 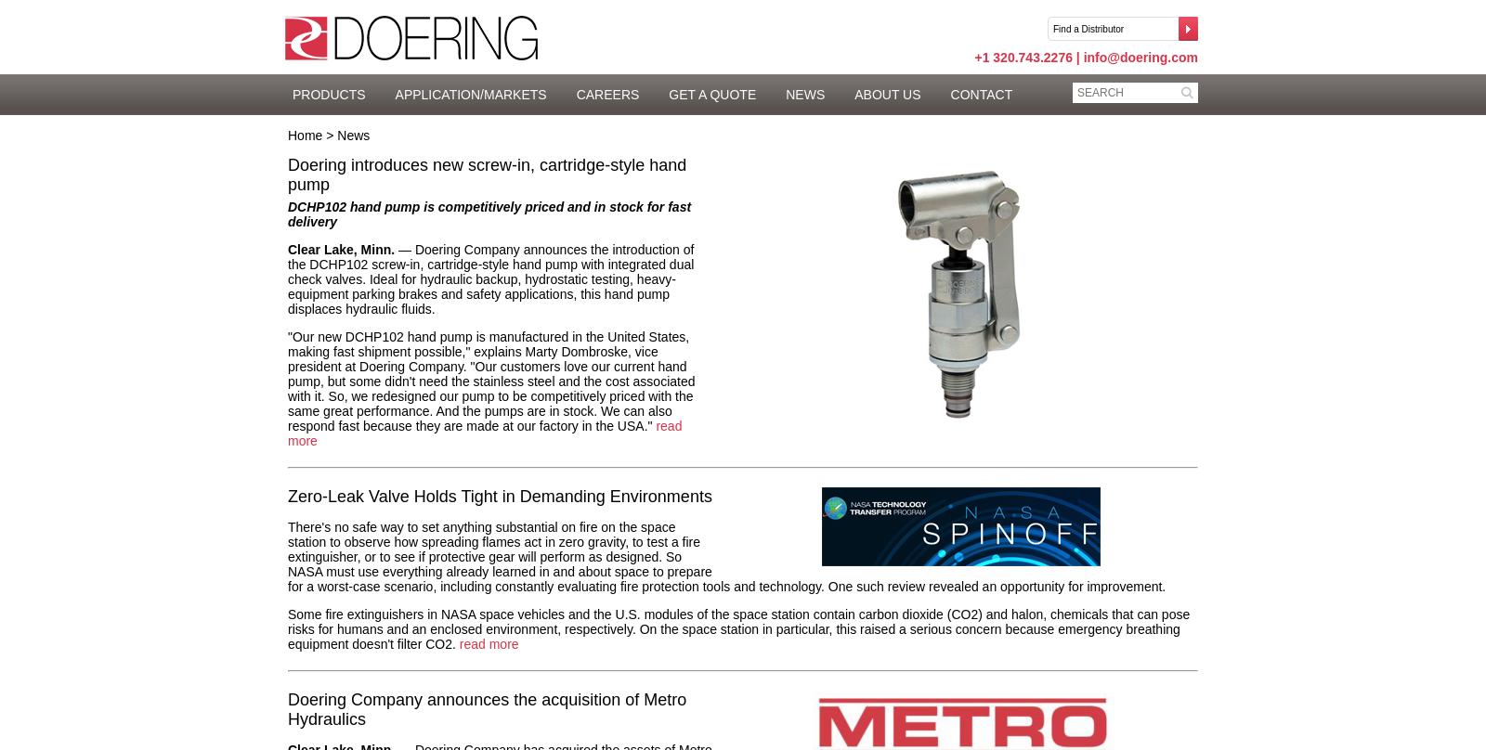 I want to click on '— Doering Company announces the introduction of the DCHP102 screw-in, cartridge-style hand pump with integrated dual check valves. Ideal for hydraulic backup, hydrostatic testing, heavy-equipment parking brakes and safety applications, this hand pump displaces hydraulic fluids.', so click(x=489, y=278).